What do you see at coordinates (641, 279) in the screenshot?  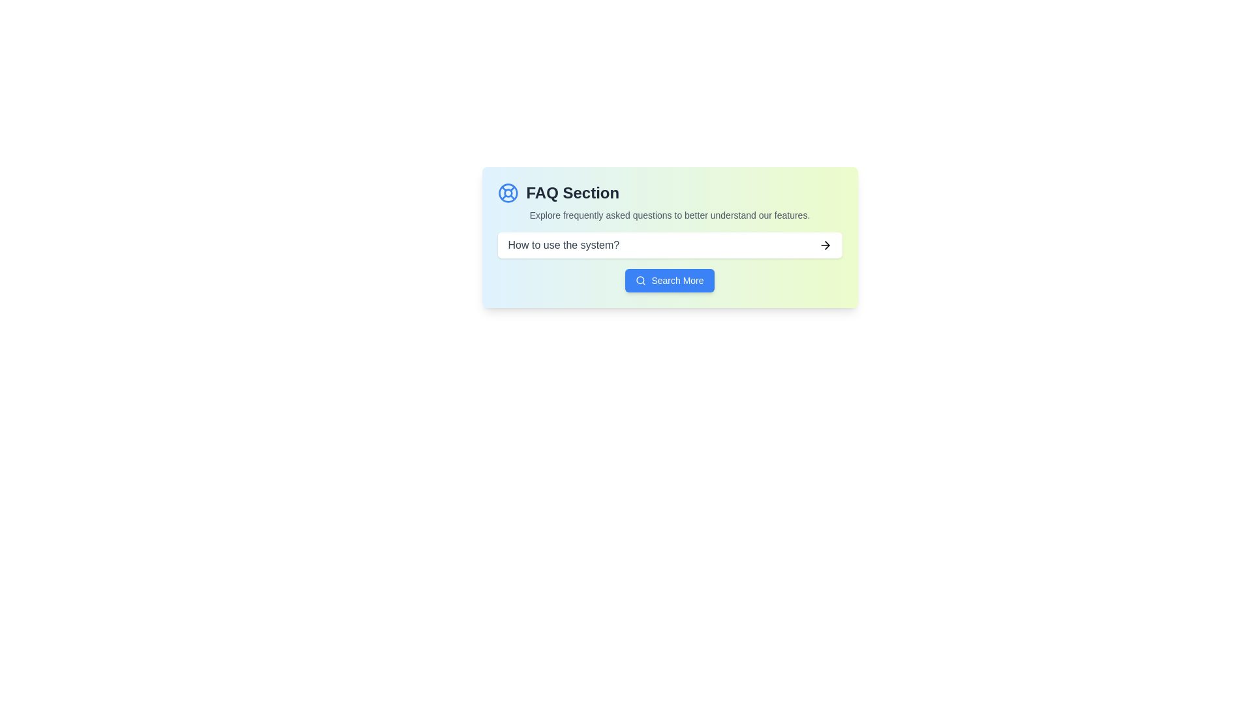 I see `the search icon, which is a magnifying glass symbol located on the left side of the 'Search More' button in the FAQ Section component` at bounding box center [641, 279].